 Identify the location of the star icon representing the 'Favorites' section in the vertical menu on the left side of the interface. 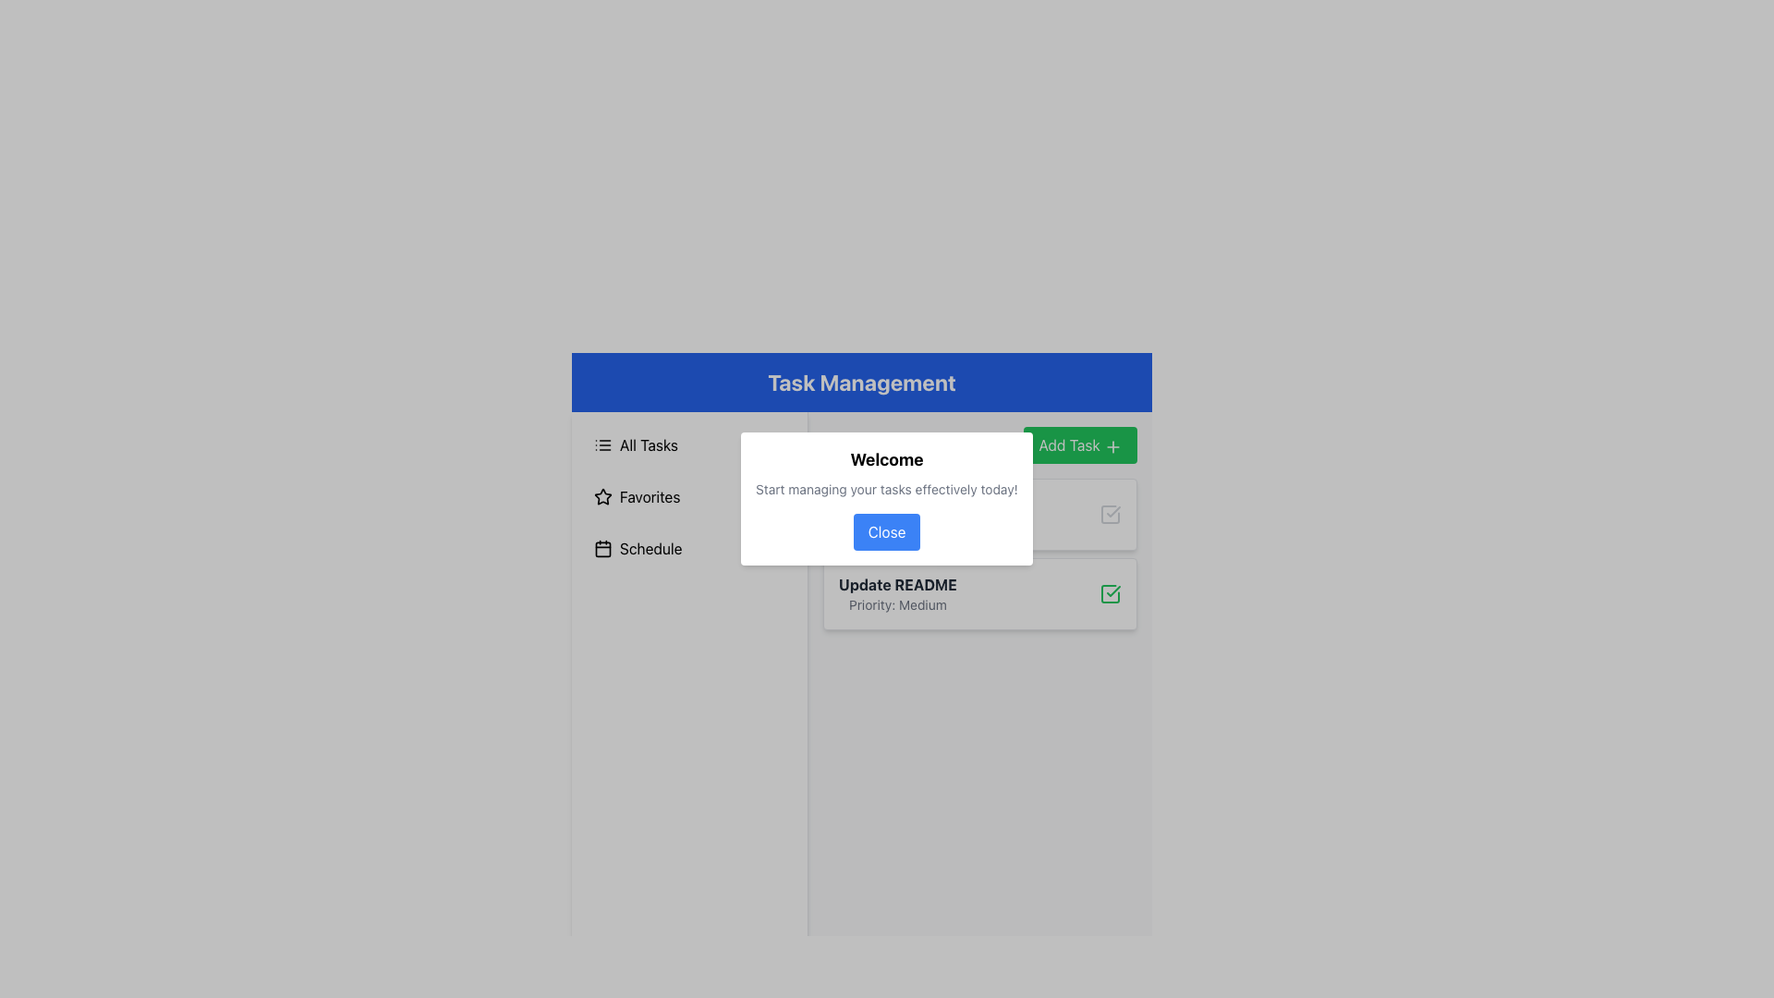
(602, 495).